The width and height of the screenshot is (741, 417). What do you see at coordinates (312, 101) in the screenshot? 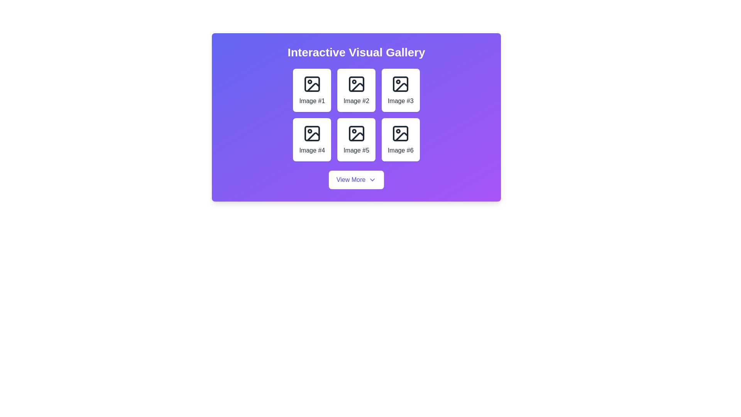
I see `the text label that describes the associated image icon in the top-left grid cell of the gallery section` at bounding box center [312, 101].